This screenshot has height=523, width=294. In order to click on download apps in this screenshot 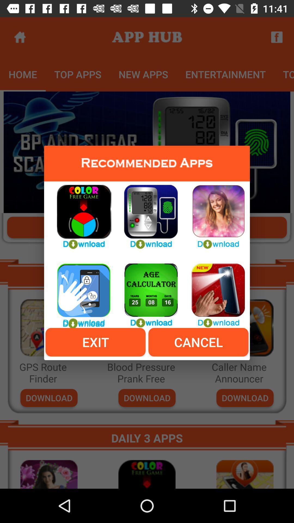, I will do `click(147, 213)`.